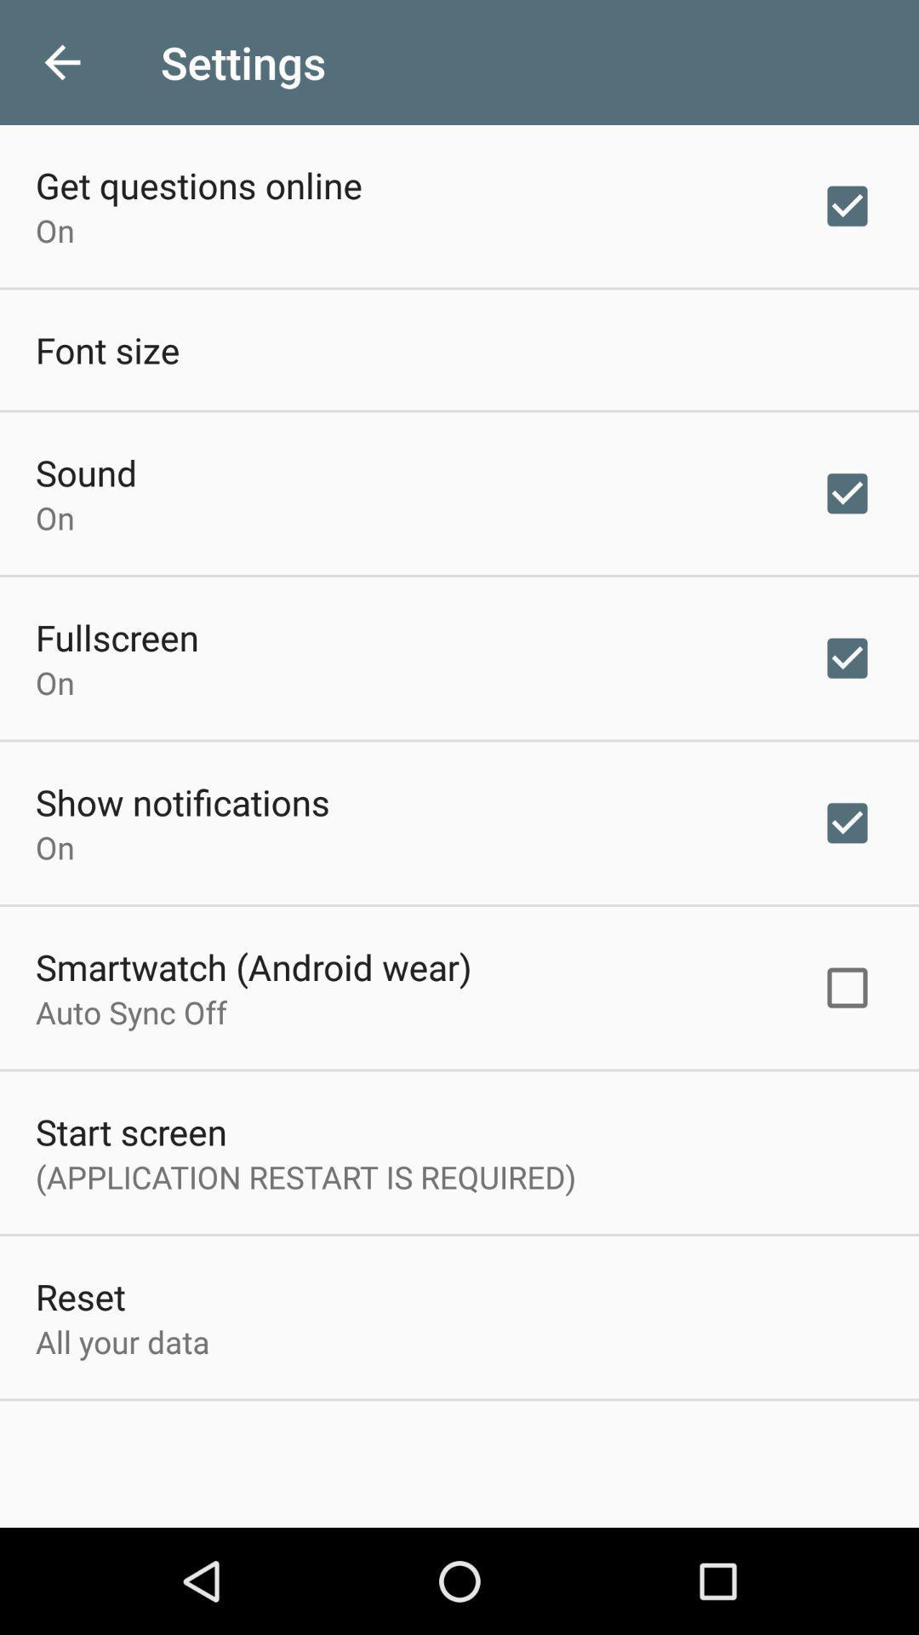  What do you see at coordinates (80, 1295) in the screenshot?
I see `icon below the application restart is item` at bounding box center [80, 1295].